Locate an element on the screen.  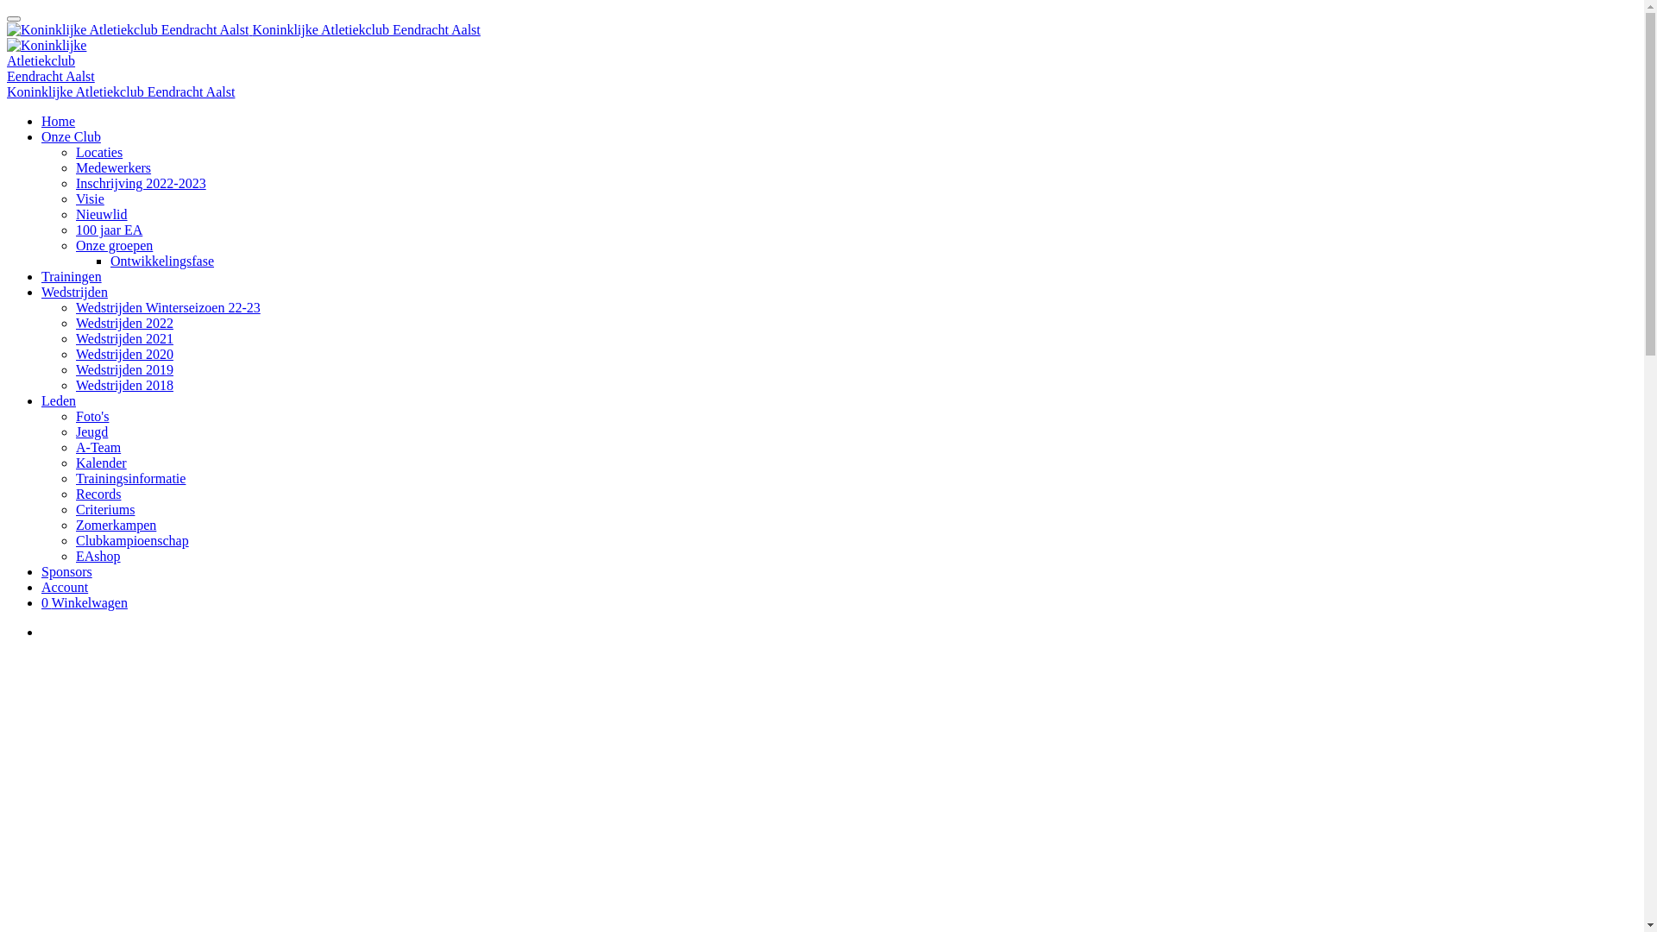
'Wedstrijden 2018' is located at coordinates (123, 384).